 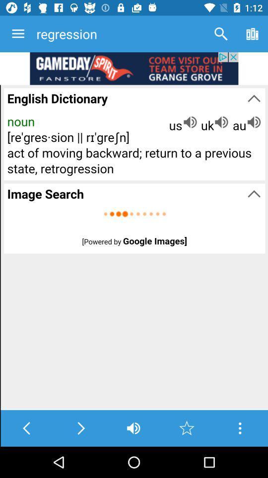 I want to click on the arrow_forward icon, so click(x=80, y=428).